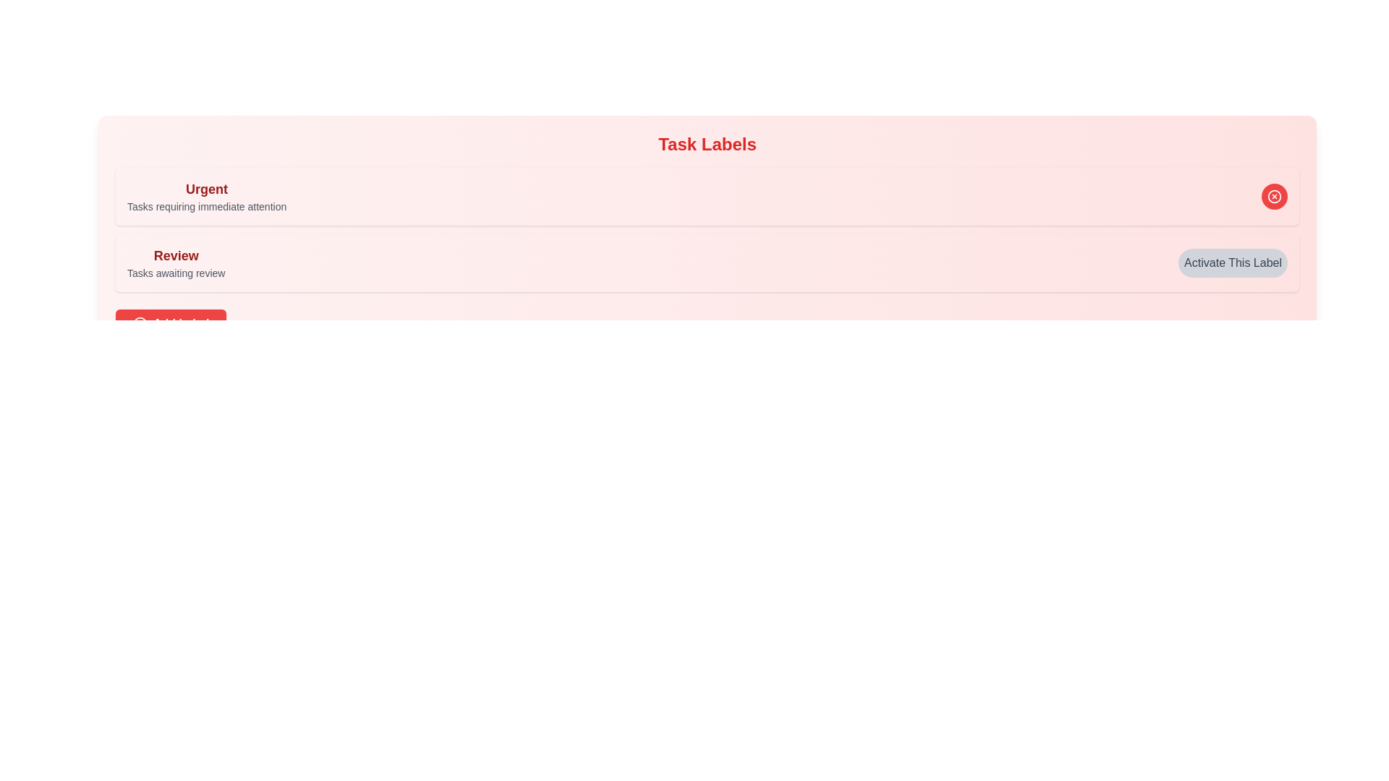 Image resolution: width=1389 pixels, height=781 pixels. I want to click on the 'Add Label' button to add a new label, so click(170, 323).